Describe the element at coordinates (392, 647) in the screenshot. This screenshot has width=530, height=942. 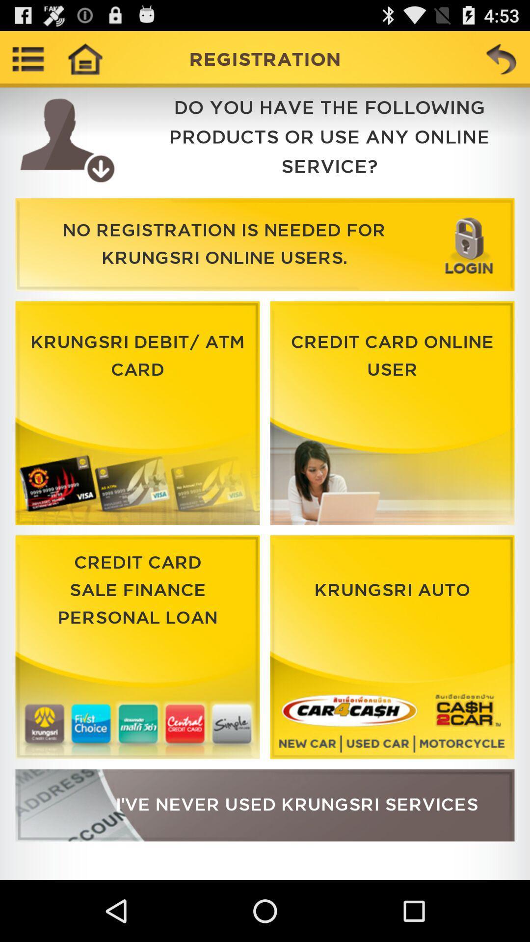
I see `shows krungsri auto option` at that location.